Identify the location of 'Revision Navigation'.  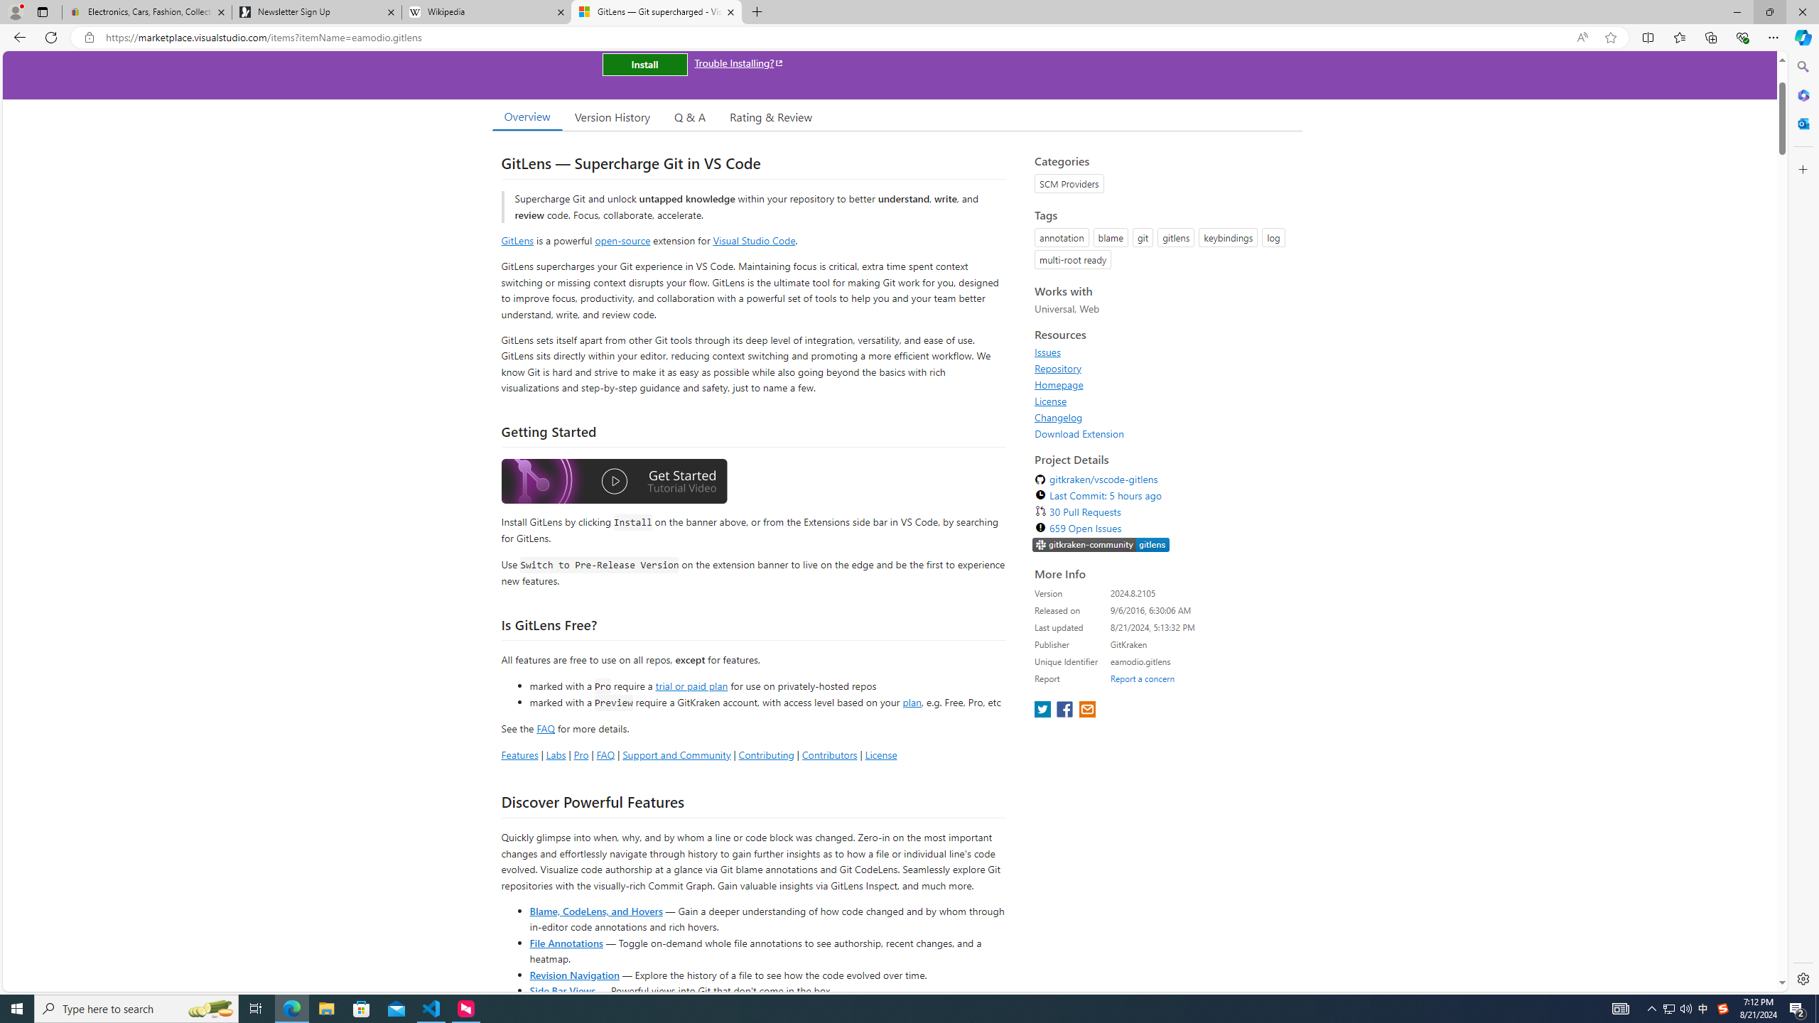
(573, 974).